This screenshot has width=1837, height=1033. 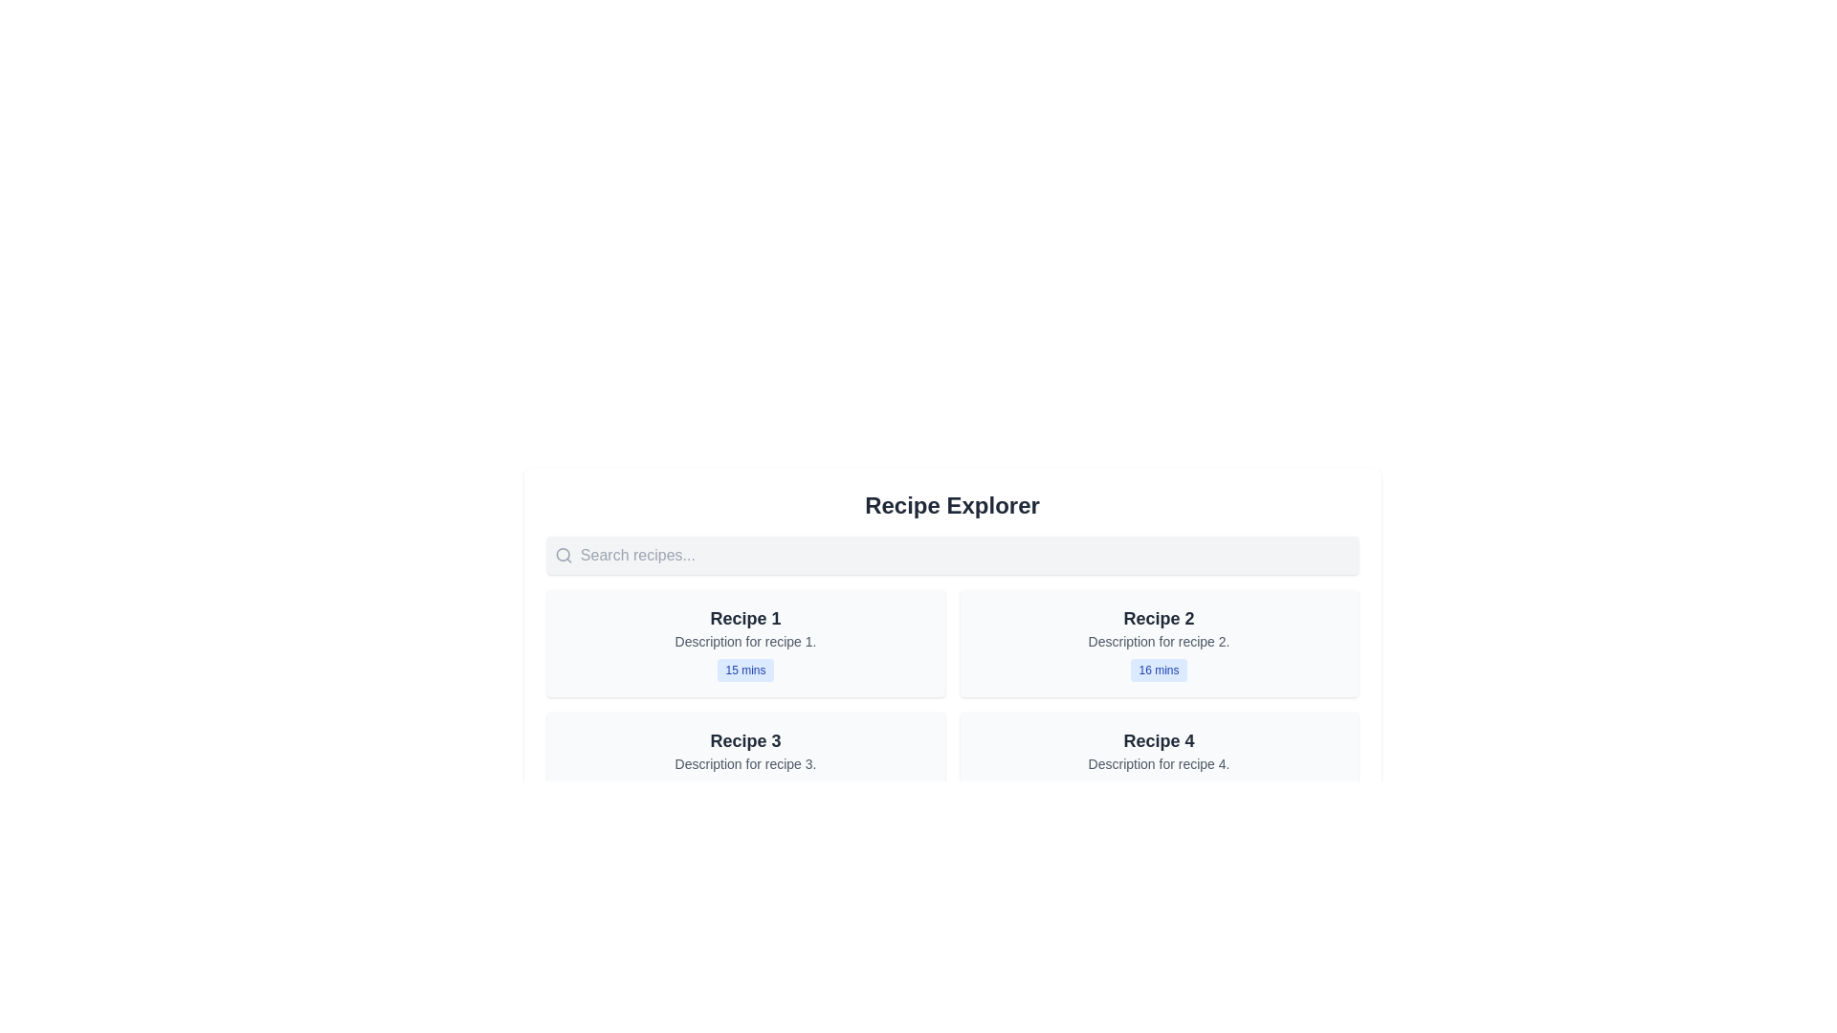 I want to click on the search box icon located at the leftmost position of the input field, which serves as a visual indicator for its functionality, so click(x=563, y=556).